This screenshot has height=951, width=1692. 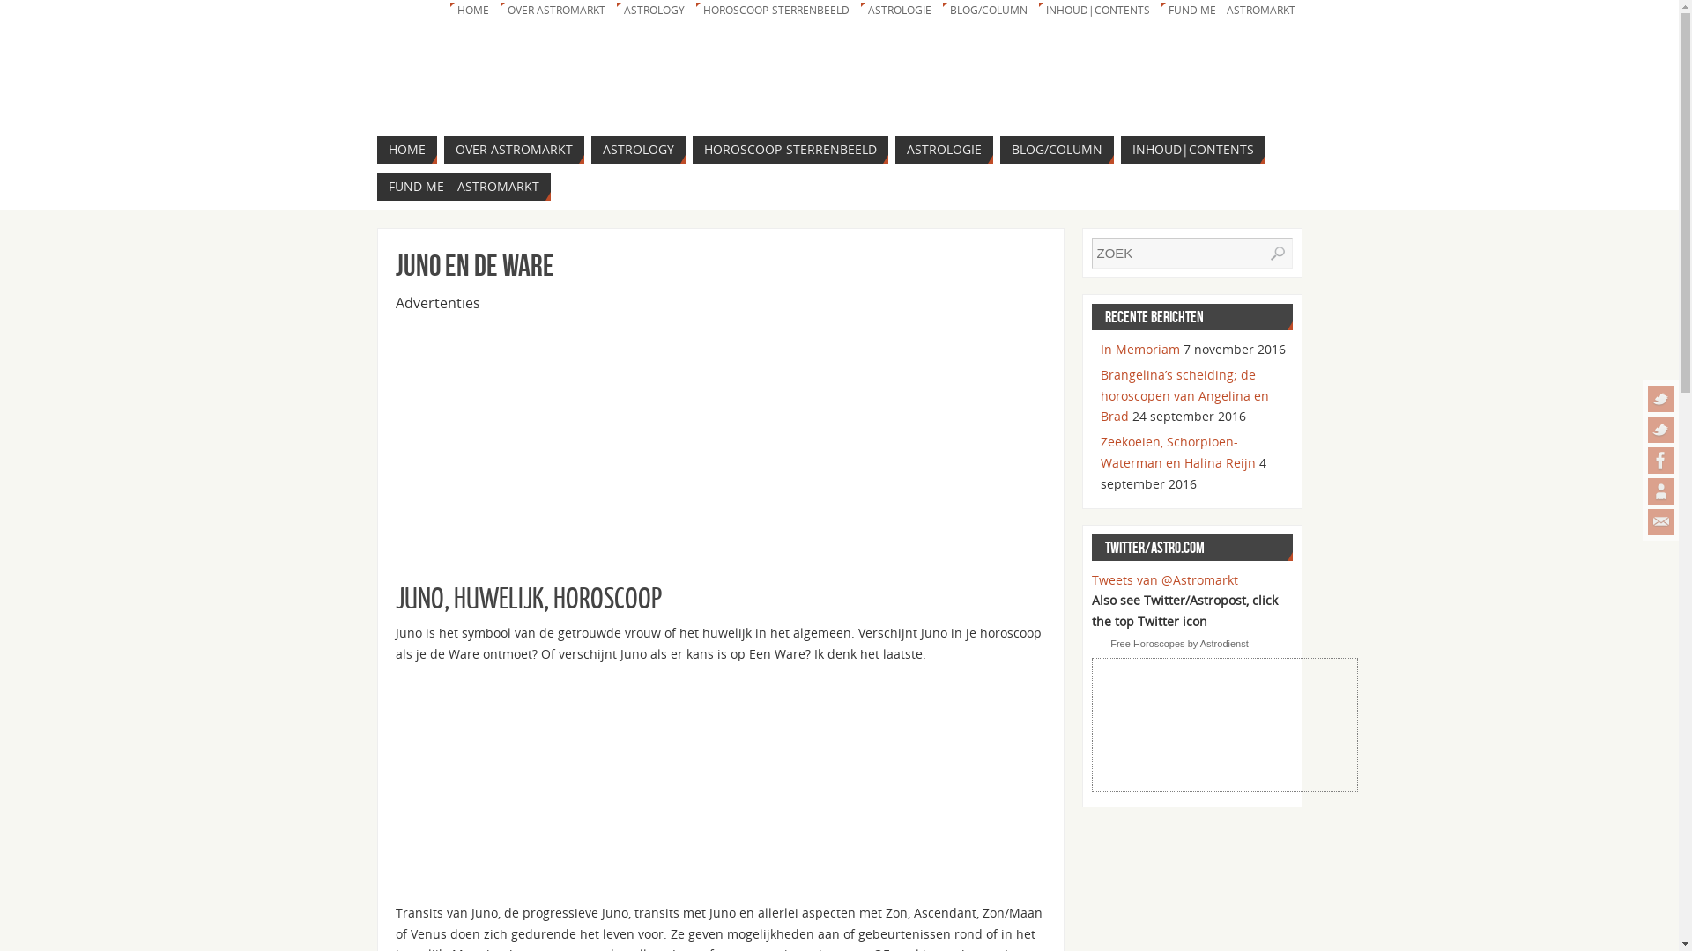 I want to click on 'INHOUD|CONTENTS', so click(x=1036, y=10).